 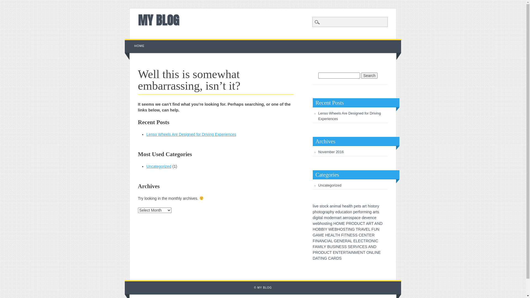 I want to click on 'MY BLOG', so click(x=158, y=20).